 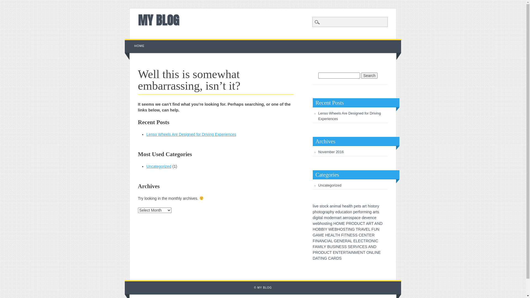 I want to click on 'MY BLOG', so click(x=158, y=20).